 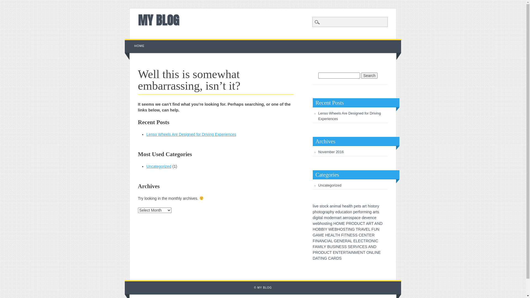 I want to click on 'MY BLOG', so click(x=158, y=20).